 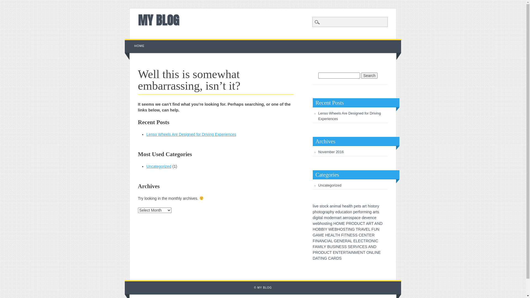 I want to click on 'MY BLOG', so click(x=158, y=20).